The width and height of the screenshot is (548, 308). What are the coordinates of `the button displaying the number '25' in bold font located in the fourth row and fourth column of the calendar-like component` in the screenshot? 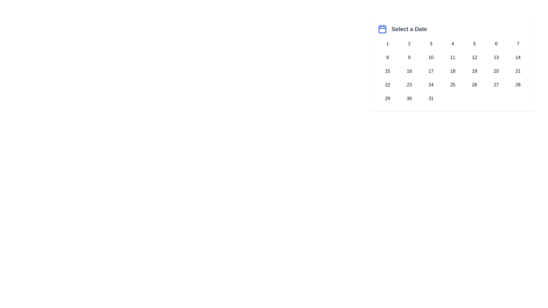 It's located at (452, 85).